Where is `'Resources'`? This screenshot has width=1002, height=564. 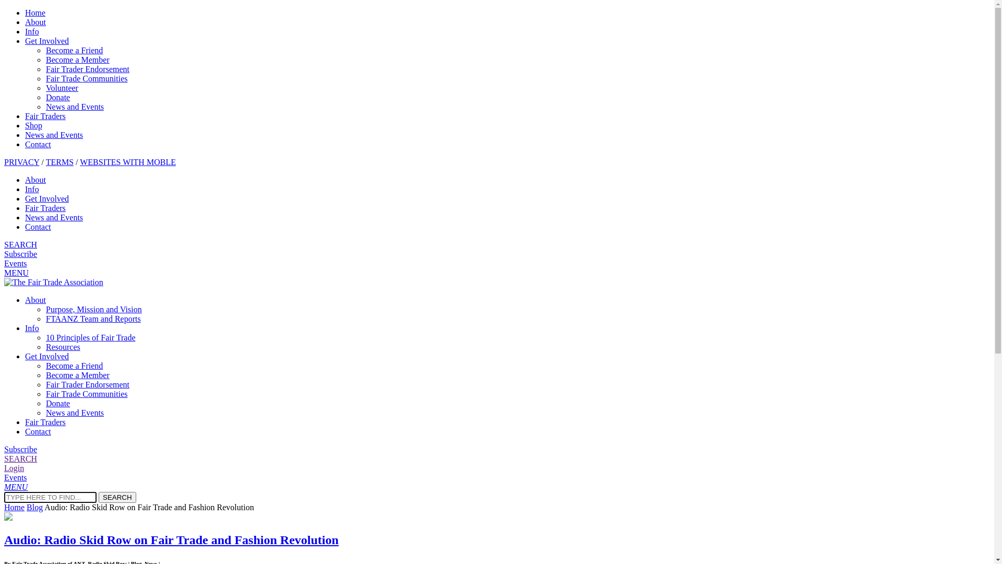 'Resources' is located at coordinates (62, 347).